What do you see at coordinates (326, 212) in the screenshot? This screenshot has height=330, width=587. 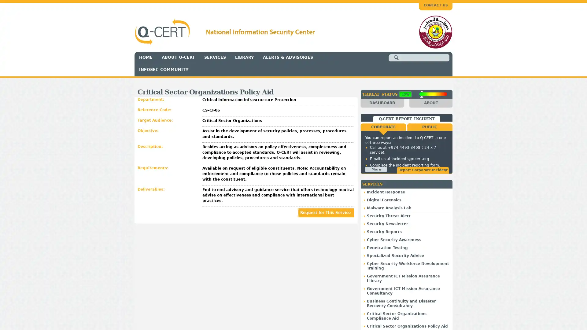 I see `Request for This Service` at bounding box center [326, 212].